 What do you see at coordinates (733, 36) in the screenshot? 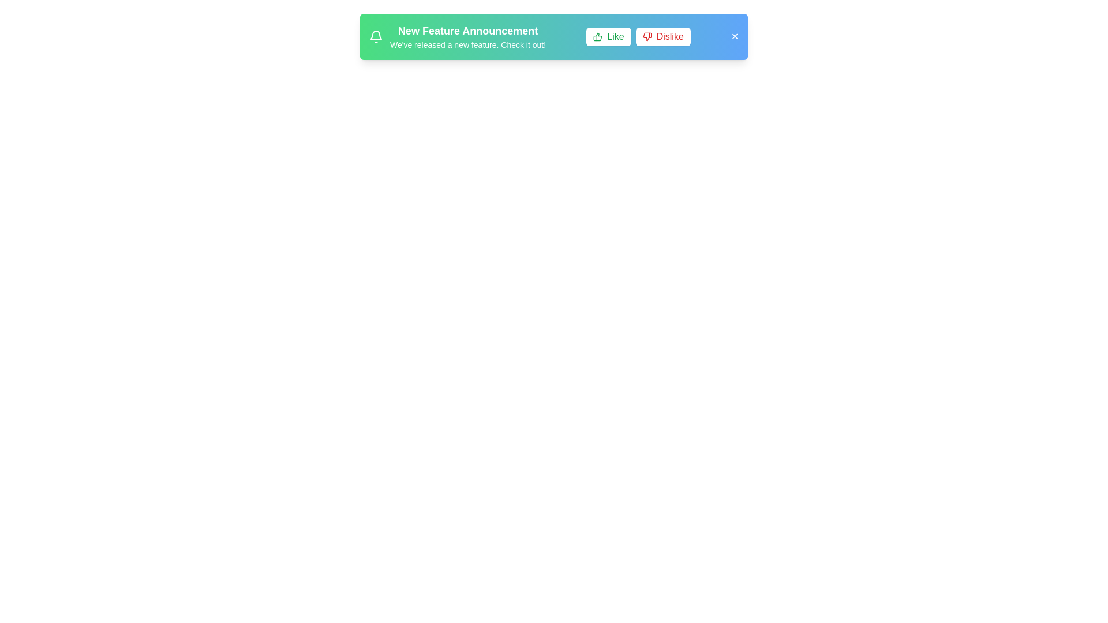
I see `the close button of the notification bar to close it` at bounding box center [733, 36].